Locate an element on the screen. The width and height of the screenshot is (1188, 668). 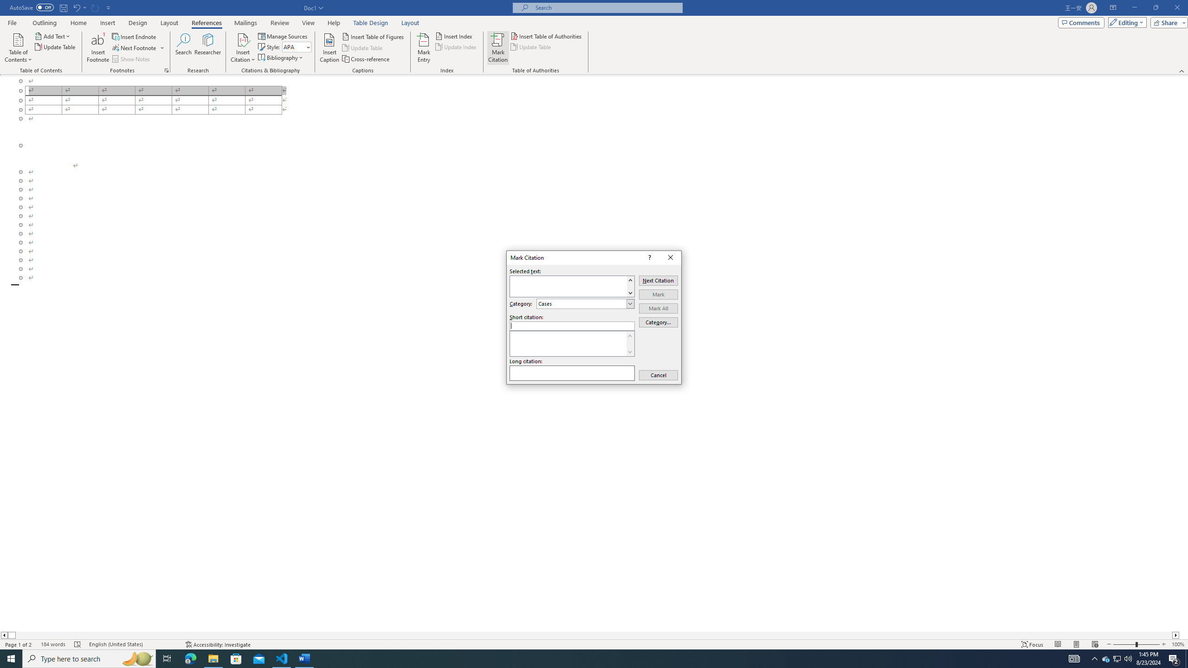
'Manage Sources...' is located at coordinates (283, 36).